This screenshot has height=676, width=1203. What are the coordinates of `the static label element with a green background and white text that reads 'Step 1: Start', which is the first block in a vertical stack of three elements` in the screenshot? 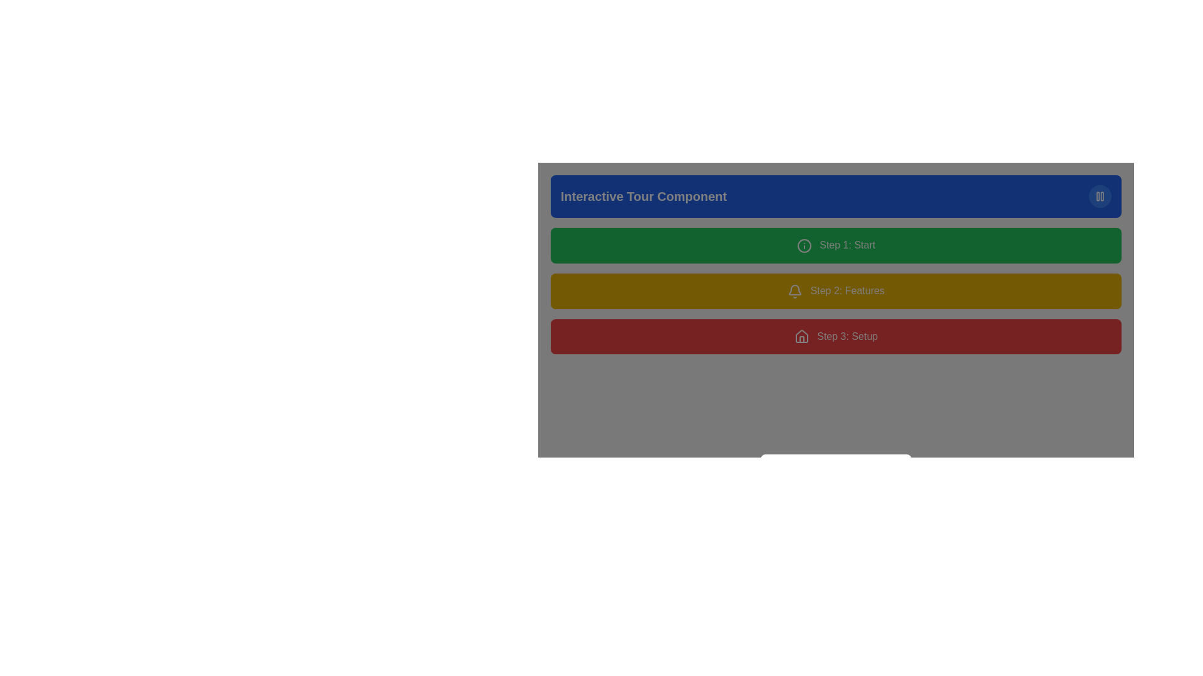 It's located at (836, 245).